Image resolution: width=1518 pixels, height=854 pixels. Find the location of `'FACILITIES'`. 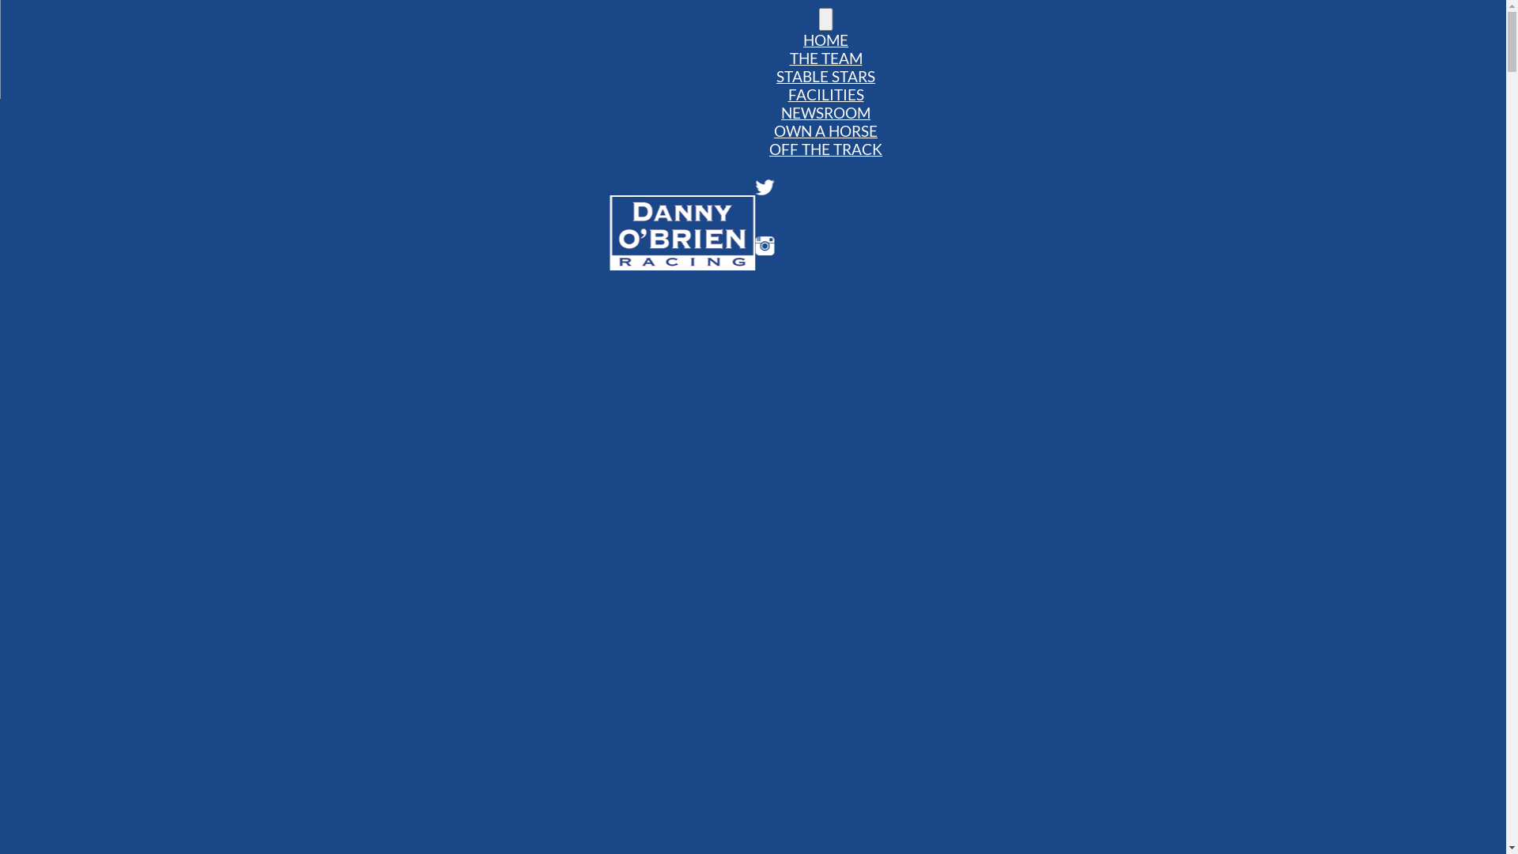

'FACILITIES' is located at coordinates (824, 94).